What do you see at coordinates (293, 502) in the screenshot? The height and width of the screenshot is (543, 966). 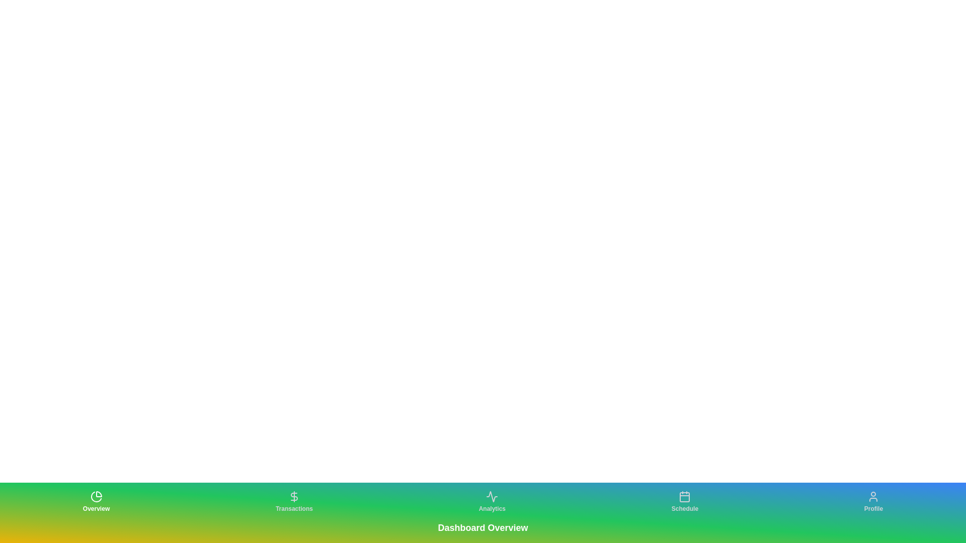 I see `the tab labeled Transactions` at bounding box center [293, 502].